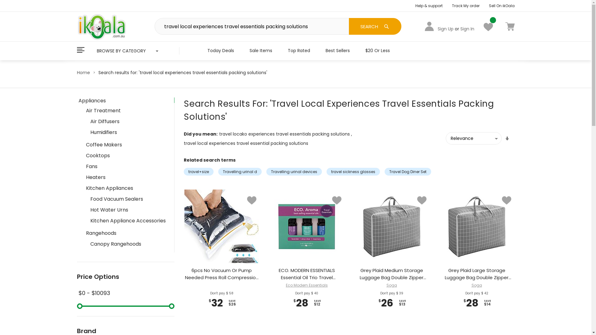 Image resolution: width=596 pixels, height=335 pixels. Describe the element at coordinates (429, 6) in the screenshot. I see `'Help & support'` at that location.